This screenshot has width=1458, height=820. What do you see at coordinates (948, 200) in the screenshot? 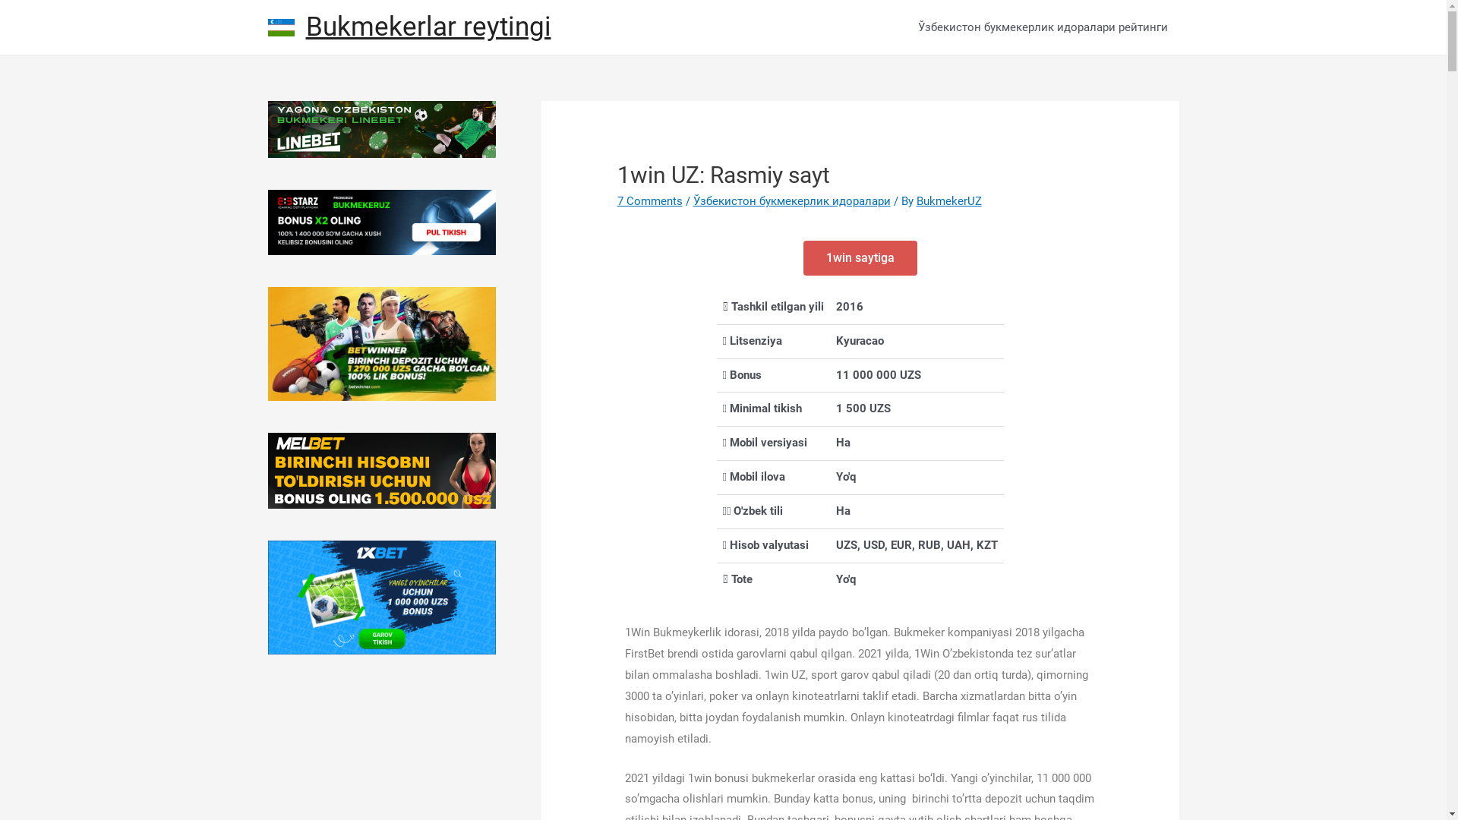
I see `'BukmekerUZ'` at bounding box center [948, 200].